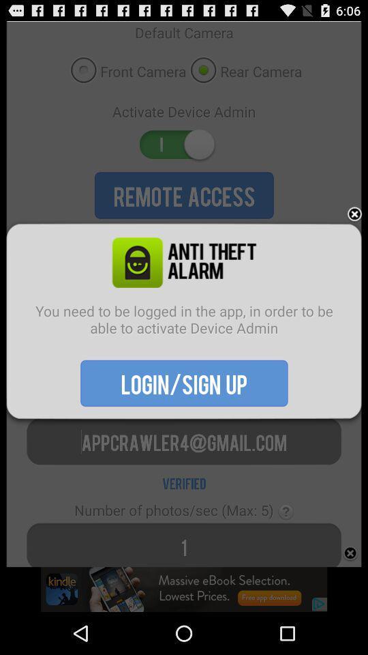 The image size is (368, 655). Describe the element at coordinates (354, 214) in the screenshot. I see `exit pop-up option` at that location.